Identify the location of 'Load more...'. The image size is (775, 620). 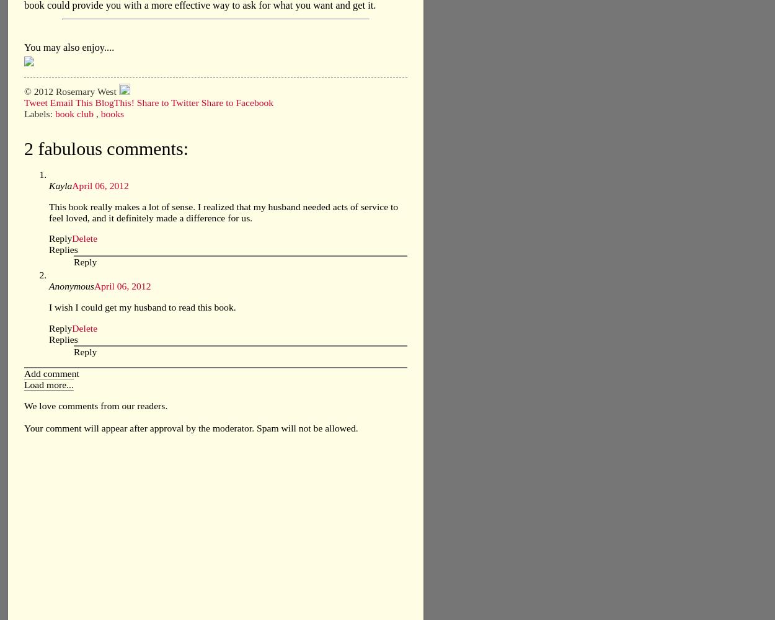
(48, 384).